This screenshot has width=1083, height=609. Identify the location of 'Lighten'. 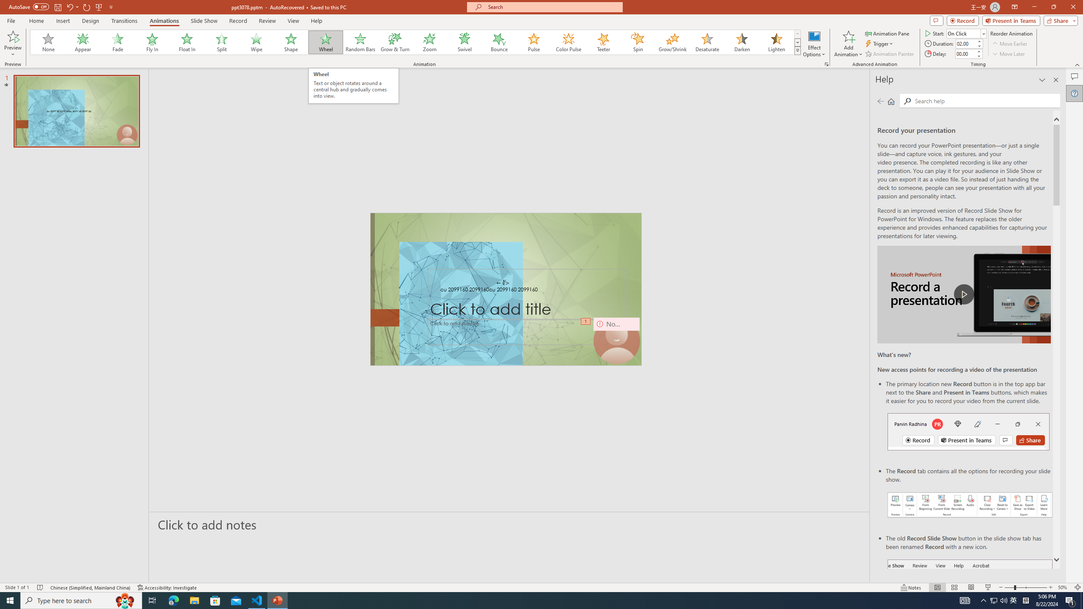
(776, 42).